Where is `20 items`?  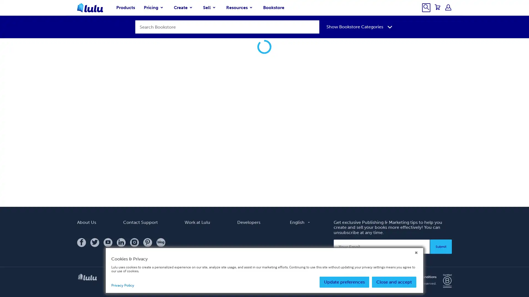
20 items is located at coordinates (204, 171).